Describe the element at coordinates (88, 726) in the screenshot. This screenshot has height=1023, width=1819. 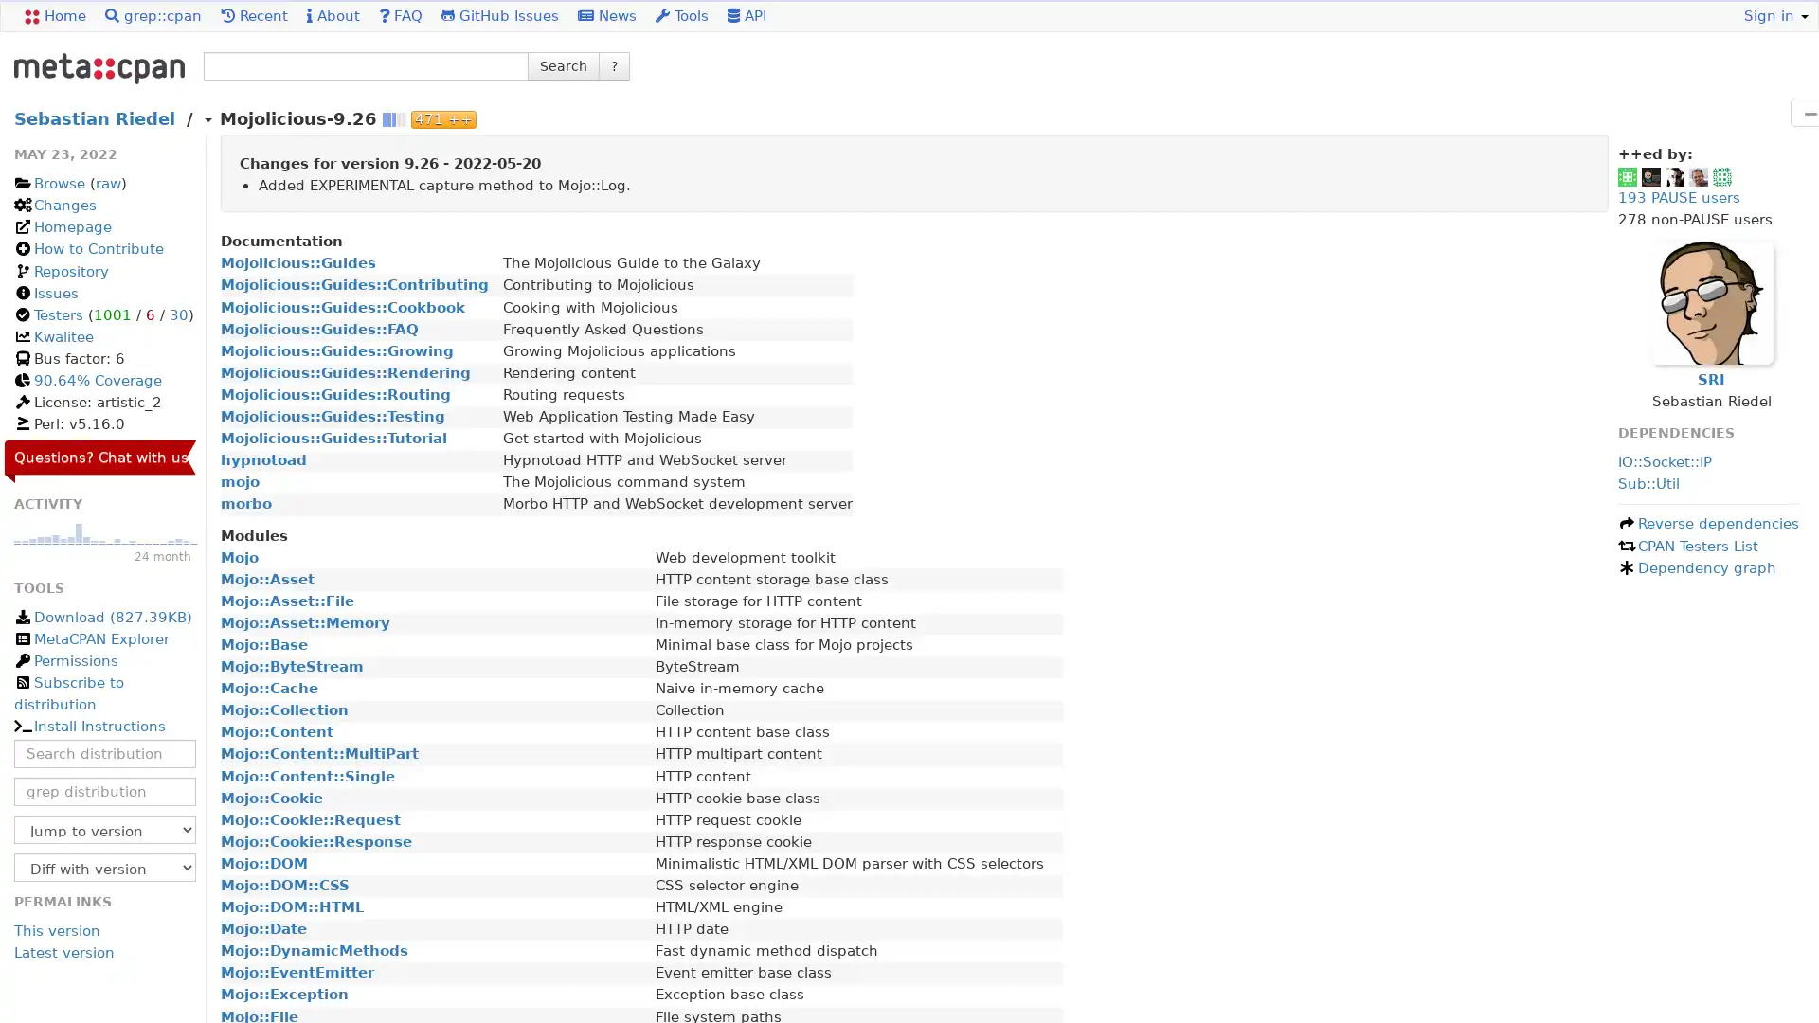
I see `Install Instructions` at that location.